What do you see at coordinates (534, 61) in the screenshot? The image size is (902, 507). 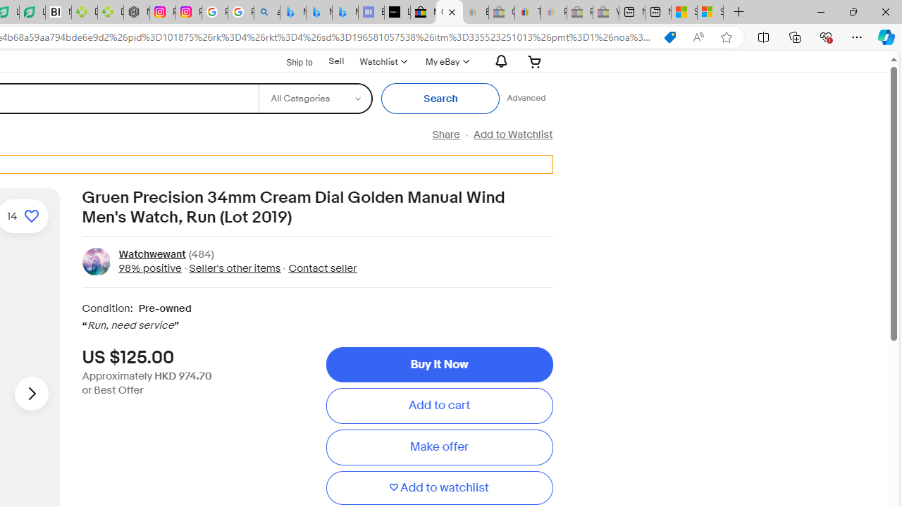 I see `'Your shopping cart'` at bounding box center [534, 61].